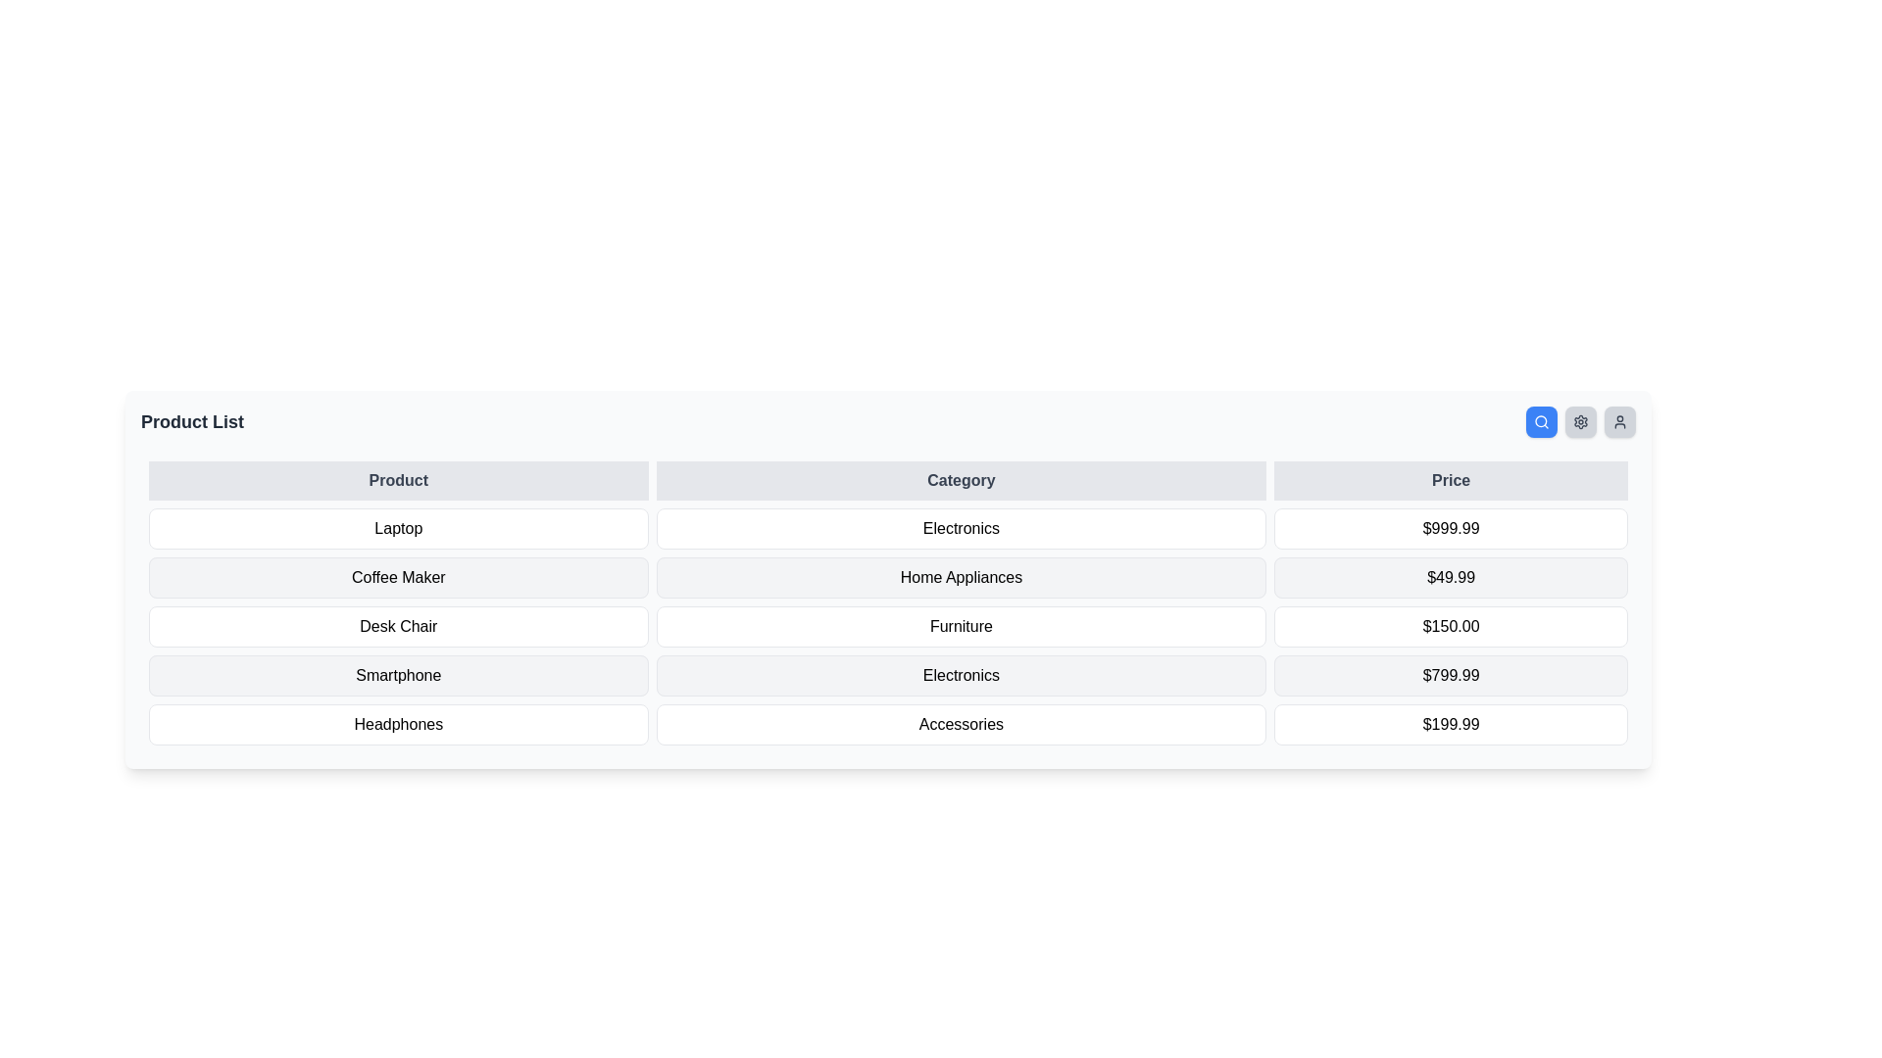 The height and width of the screenshot is (1058, 1882). I want to click on the table cell displaying the text 'Laptop', which is located in the first column of the second row of a table layout, so click(397, 529).